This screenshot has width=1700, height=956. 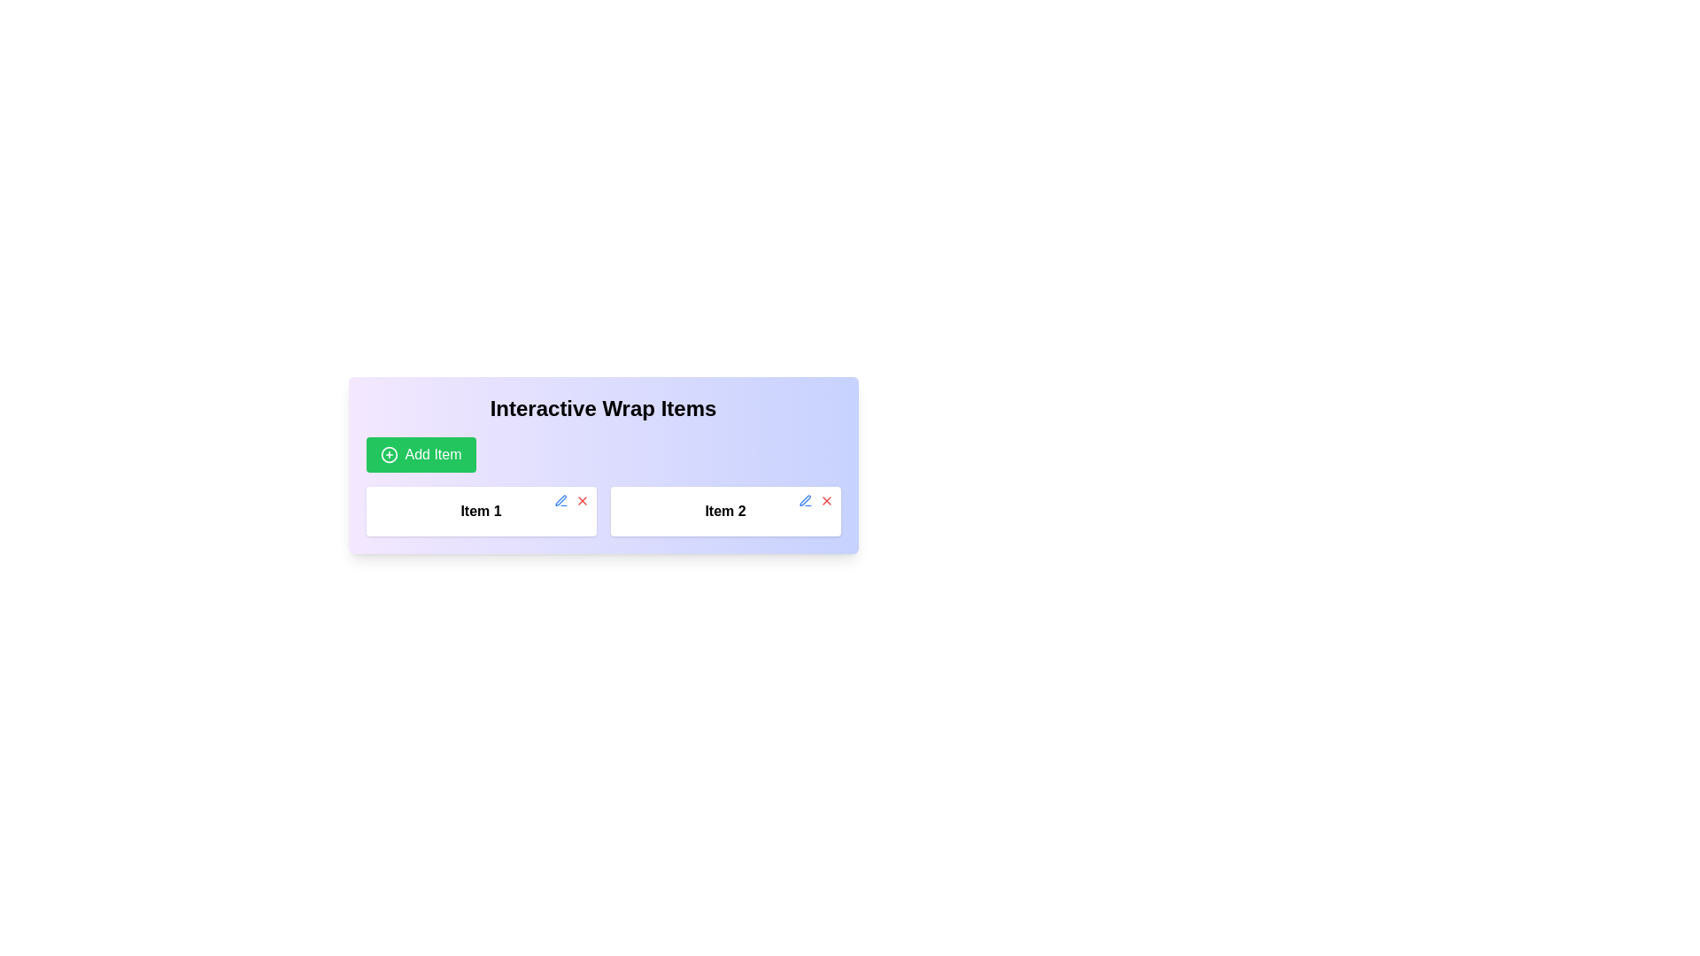 I want to click on the outer circle component of the icon within the 'Add Item' button located at the top-left area of the 'Interactive Wrap Items' panel, so click(x=388, y=453).